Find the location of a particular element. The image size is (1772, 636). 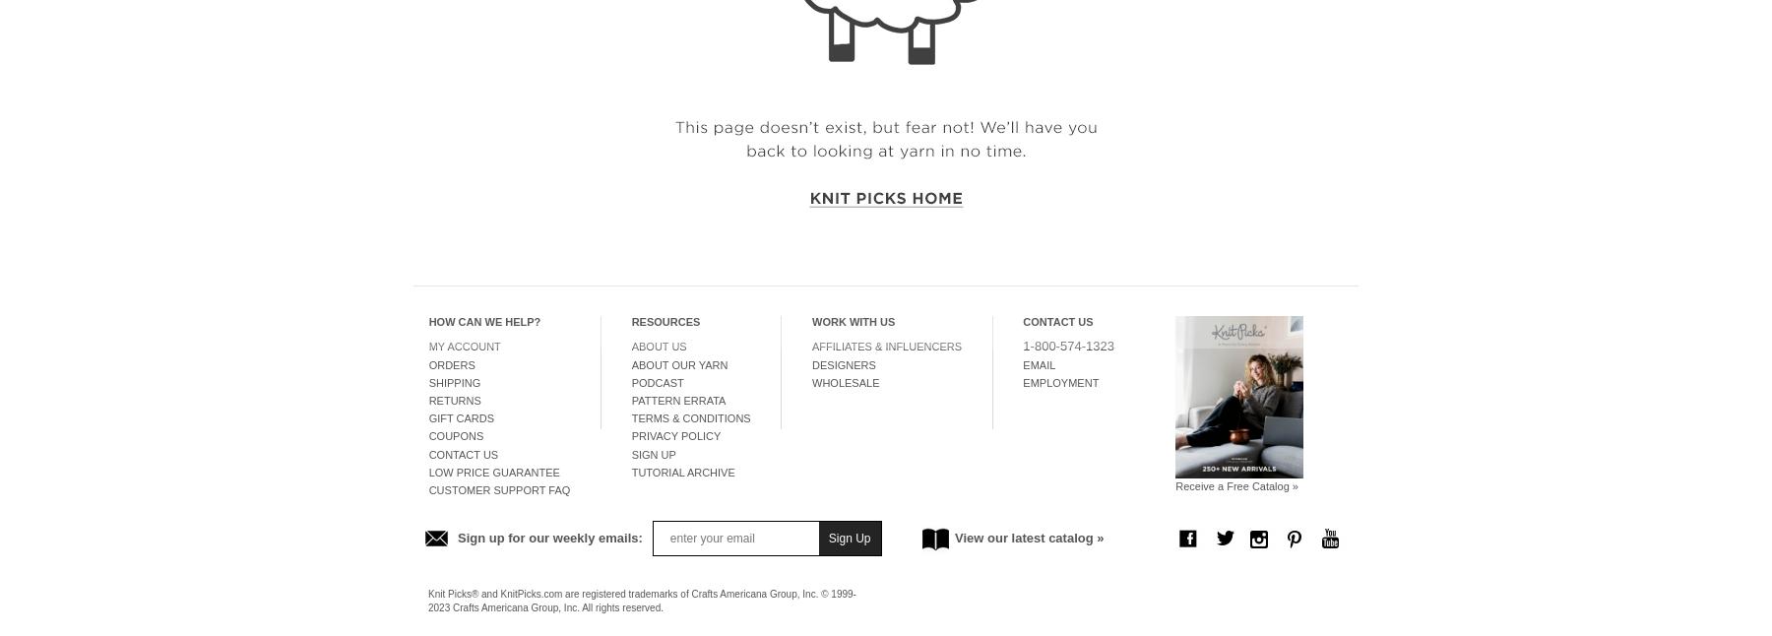

'About Our Yarn' is located at coordinates (677, 363).